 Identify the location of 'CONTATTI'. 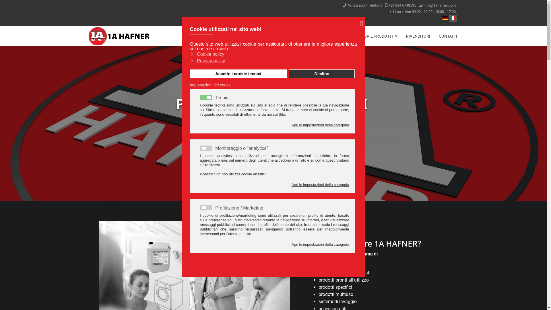
(445, 36).